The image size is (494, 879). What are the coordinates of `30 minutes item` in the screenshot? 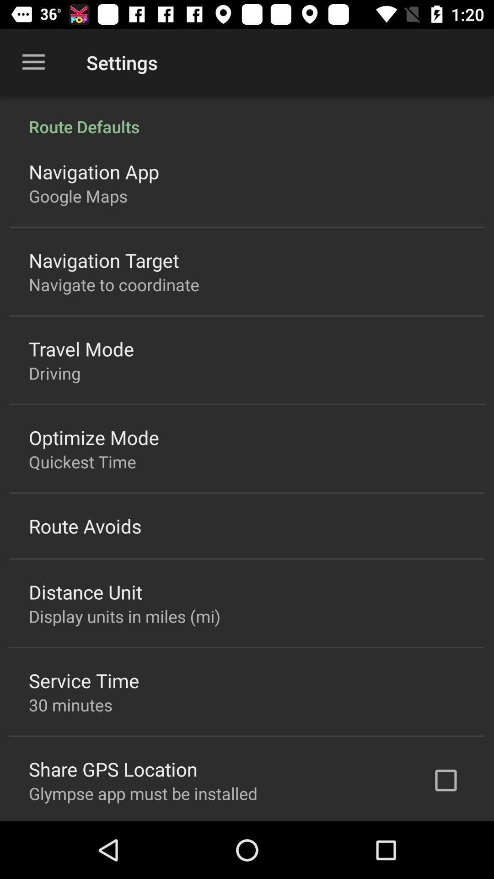 It's located at (70, 704).